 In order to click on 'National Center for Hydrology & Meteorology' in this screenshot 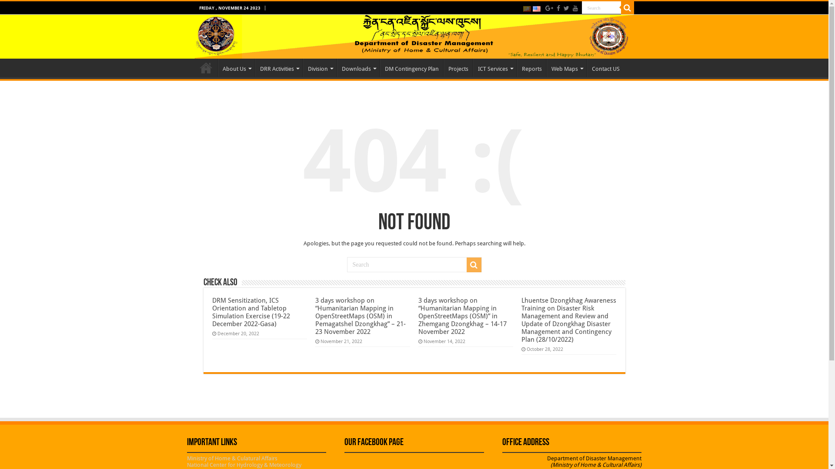, I will do `click(187, 464)`.